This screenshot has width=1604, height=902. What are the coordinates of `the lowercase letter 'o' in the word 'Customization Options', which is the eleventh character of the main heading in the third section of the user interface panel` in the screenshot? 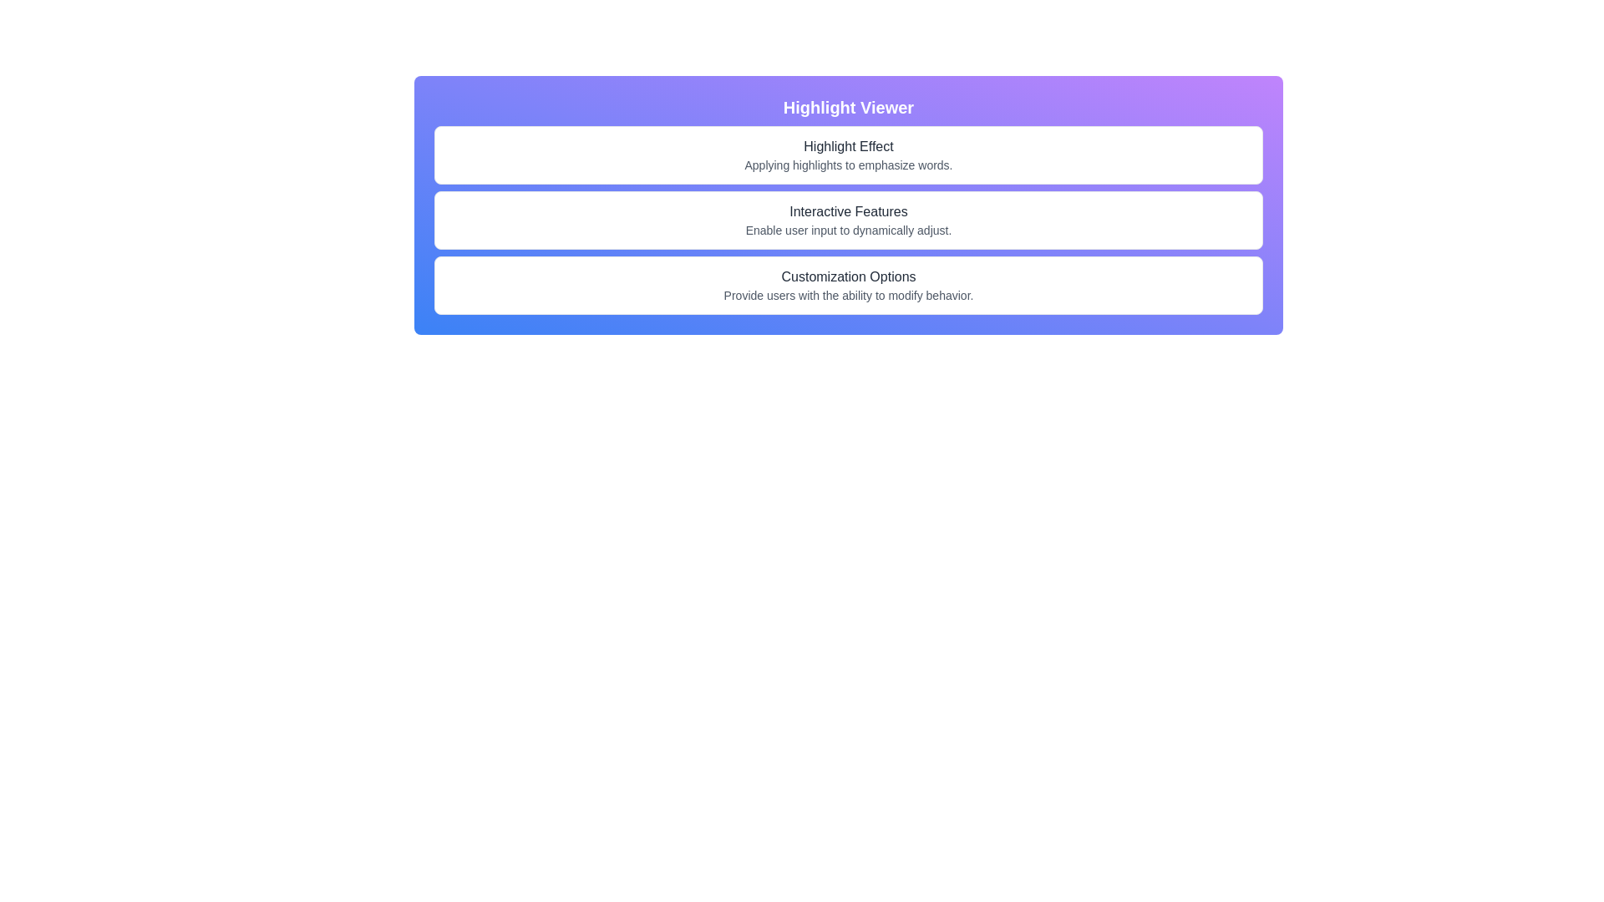 It's located at (855, 276).